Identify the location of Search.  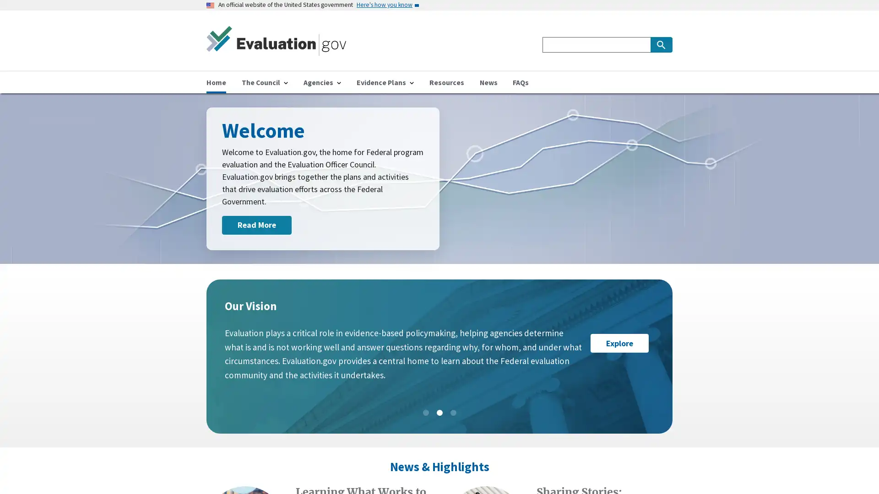
(661, 44).